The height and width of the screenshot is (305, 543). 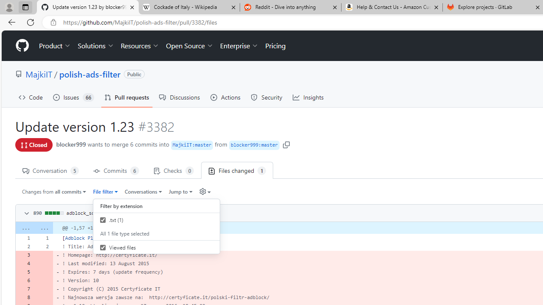 I want to click on 'Pricing', so click(x=275, y=46).